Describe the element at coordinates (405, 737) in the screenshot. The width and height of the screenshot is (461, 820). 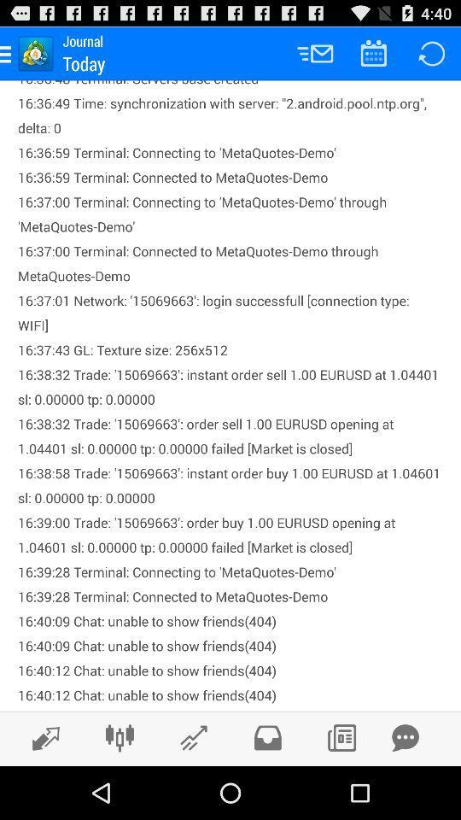
I see `share` at that location.